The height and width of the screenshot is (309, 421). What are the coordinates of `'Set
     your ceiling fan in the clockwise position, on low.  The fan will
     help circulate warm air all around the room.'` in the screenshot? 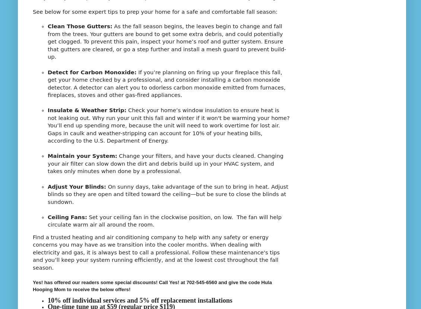 It's located at (164, 220).